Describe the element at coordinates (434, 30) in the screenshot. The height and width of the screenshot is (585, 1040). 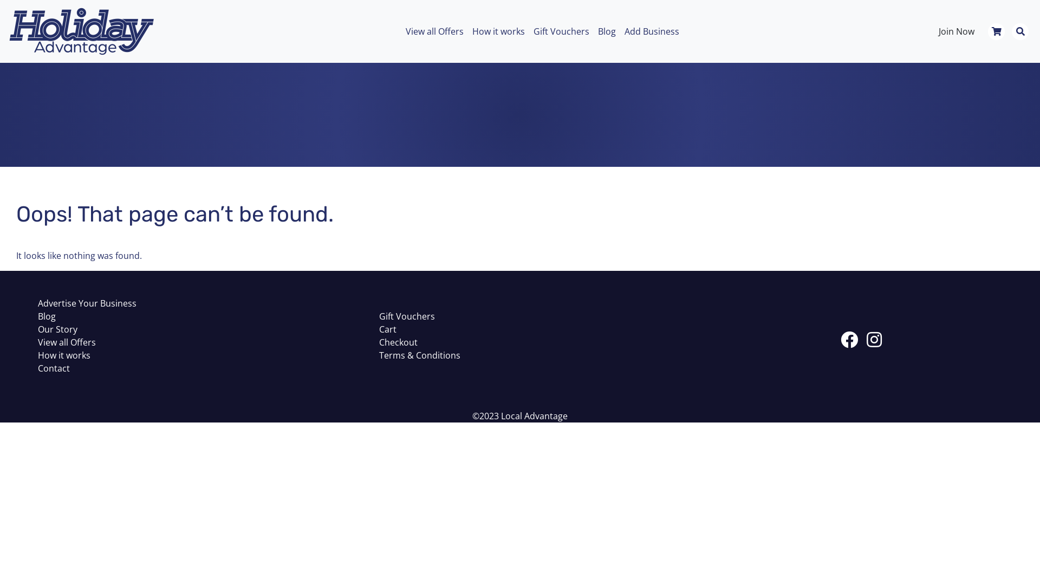
I see `'View all Offers'` at that location.